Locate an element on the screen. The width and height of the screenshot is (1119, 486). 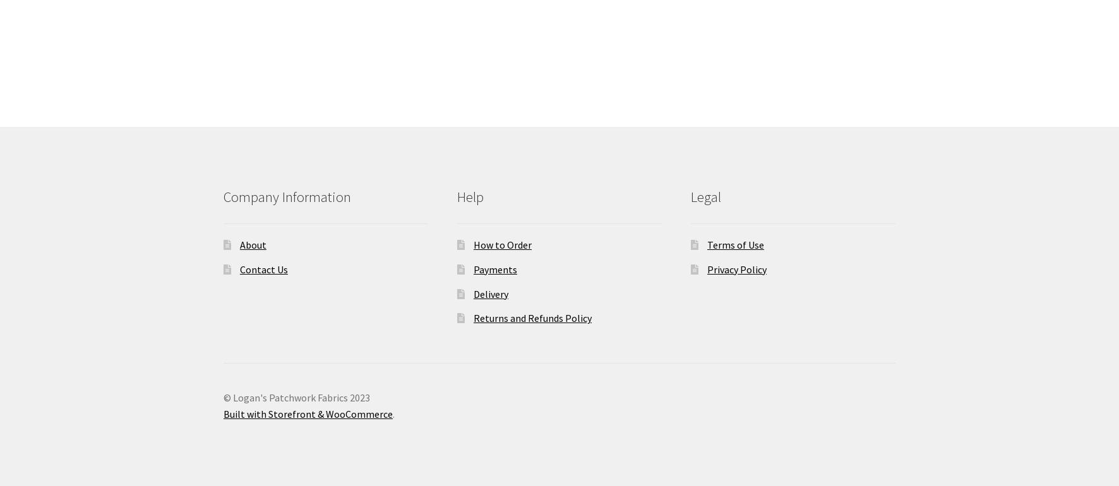
'Built with Storefront & WooCommerce' is located at coordinates (308, 412).